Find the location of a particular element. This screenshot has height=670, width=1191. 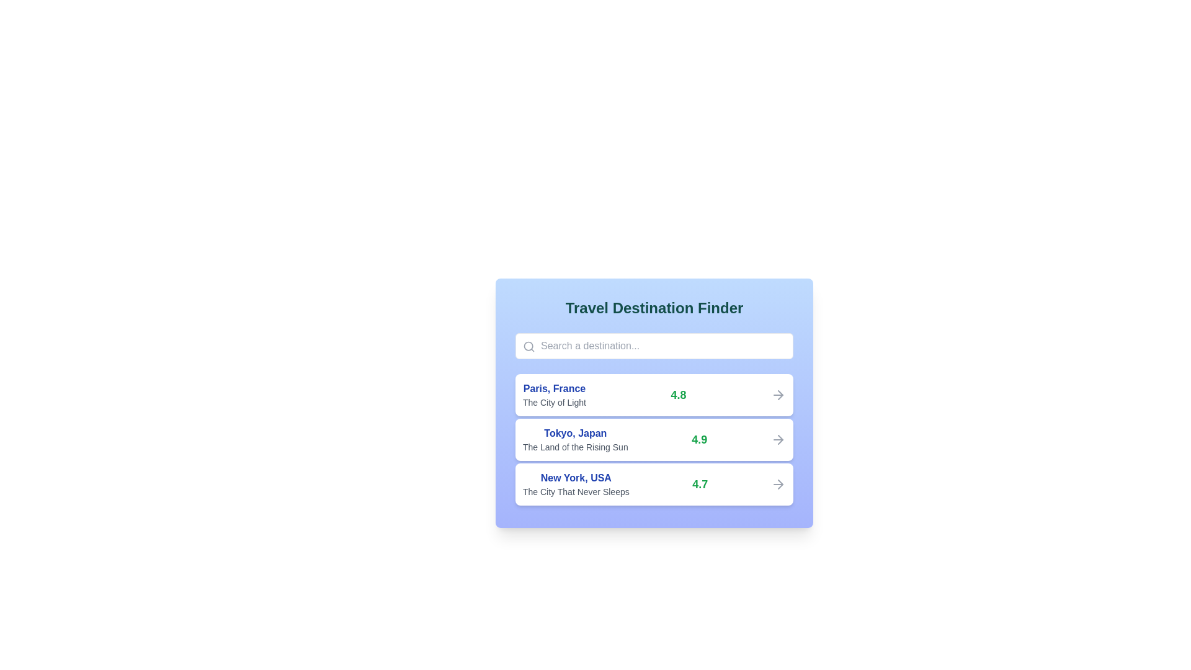

the label providing a description or tagline for the travel destination 'Paris, France', located beneath the 'Paris, France' text is located at coordinates (553, 402).